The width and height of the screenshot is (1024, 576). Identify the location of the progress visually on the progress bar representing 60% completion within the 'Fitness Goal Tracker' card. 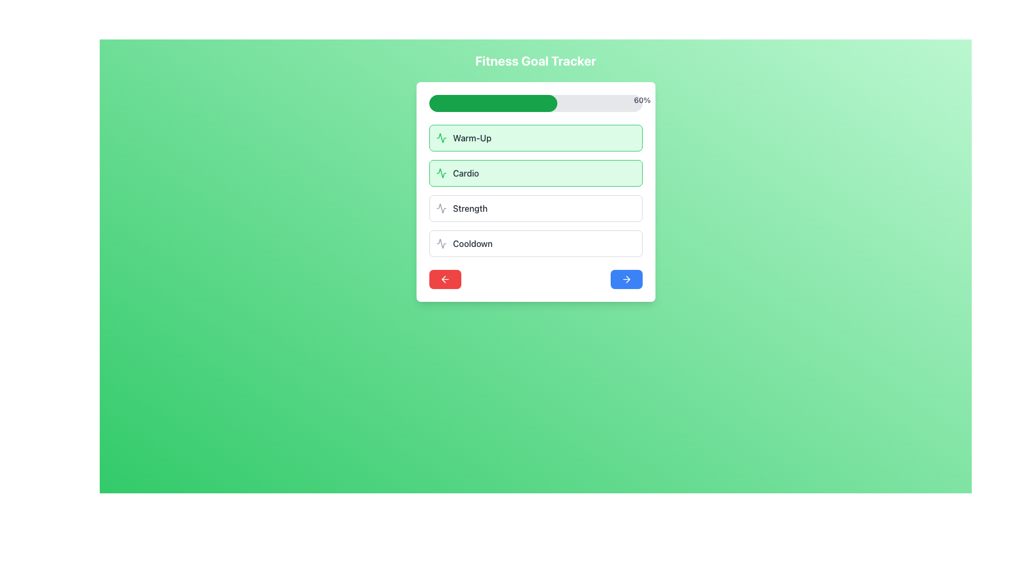
(535, 103).